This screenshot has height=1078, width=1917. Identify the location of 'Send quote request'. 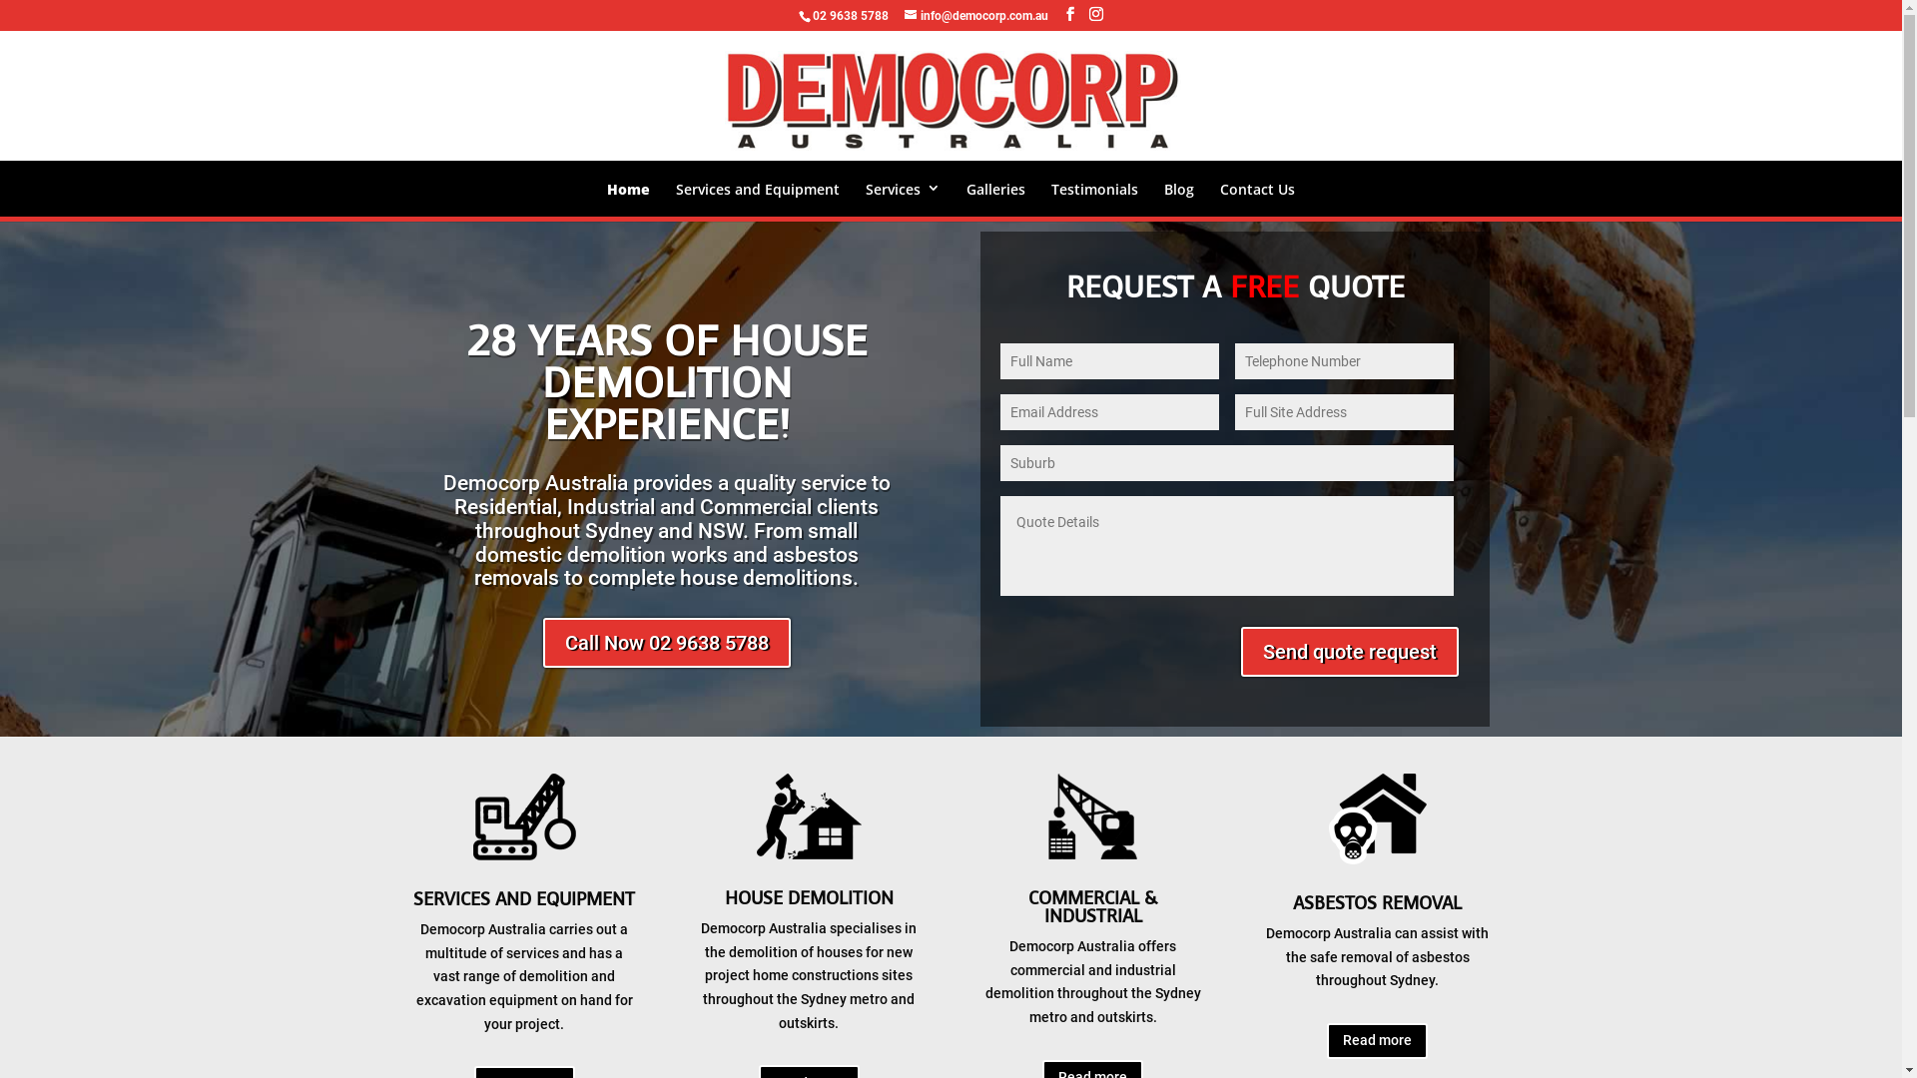
(1350, 651).